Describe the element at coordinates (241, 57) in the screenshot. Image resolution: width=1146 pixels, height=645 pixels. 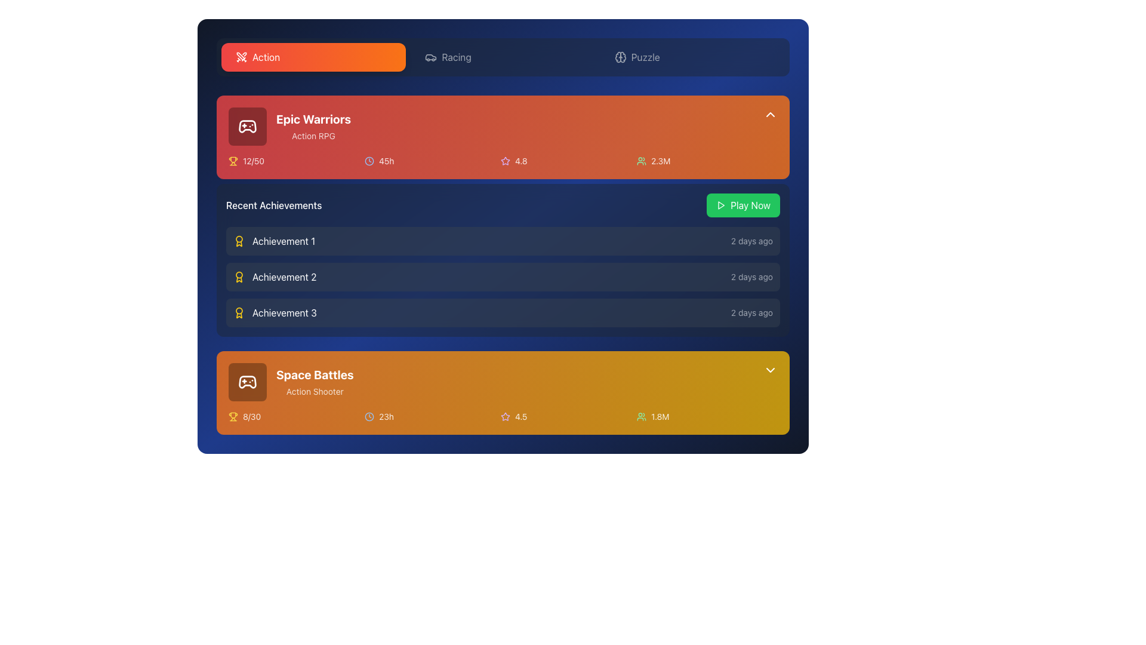
I see `compact icon of two crossed swords located in the 'Action' tab, positioned to the far left of the 'Action' button for design purposes` at that location.